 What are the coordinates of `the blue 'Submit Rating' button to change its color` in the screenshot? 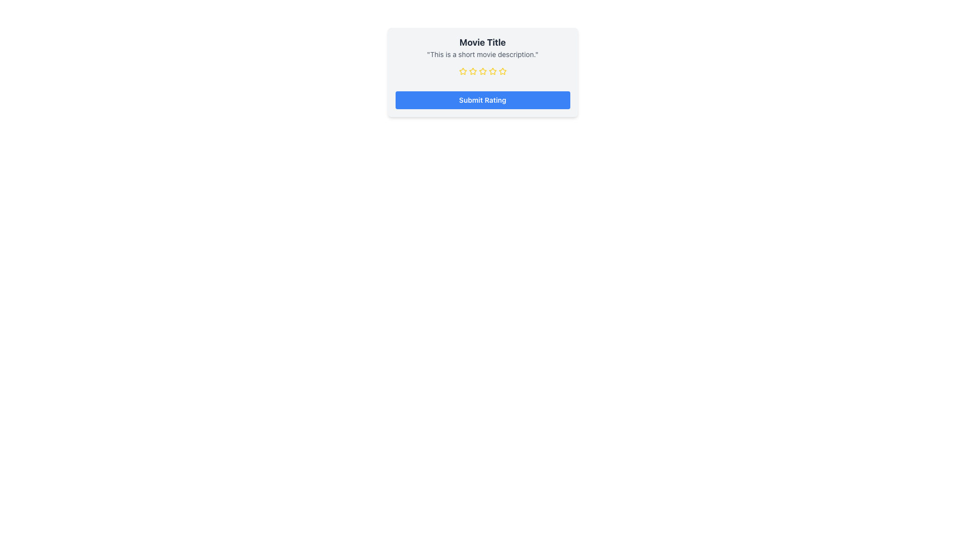 It's located at (482, 100).